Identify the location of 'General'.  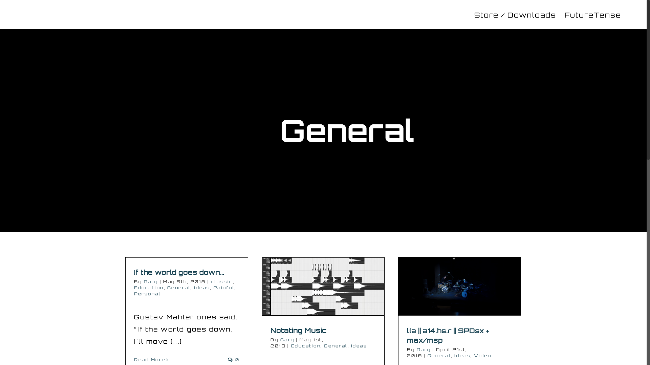
(439, 355).